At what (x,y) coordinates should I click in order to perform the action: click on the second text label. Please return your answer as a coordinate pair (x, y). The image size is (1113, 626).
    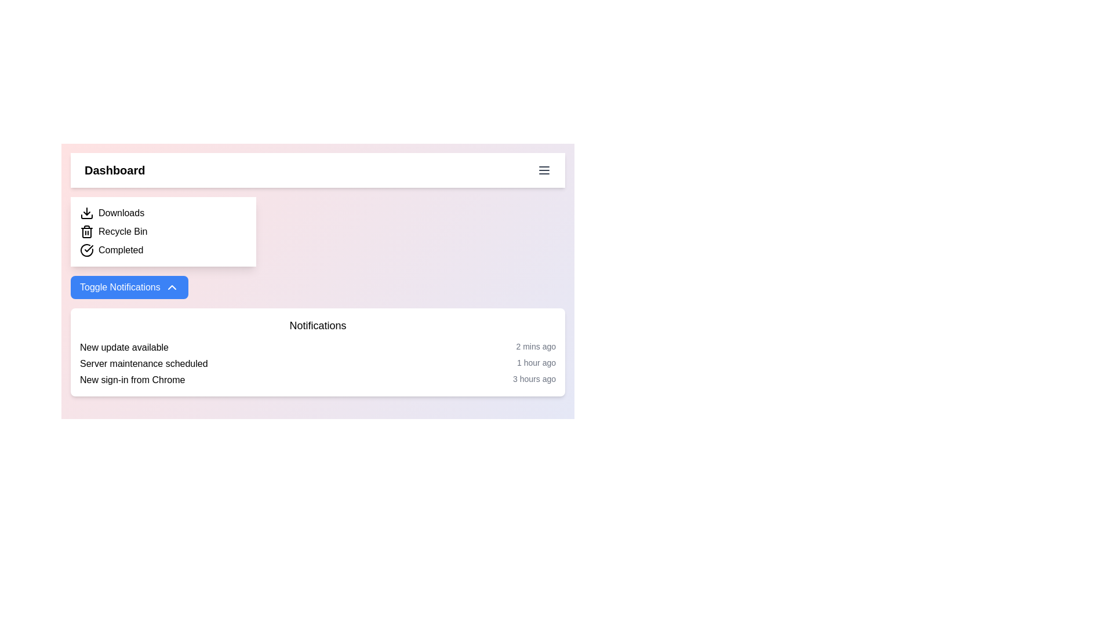
    Looking at the image, I should click on (123, 232).